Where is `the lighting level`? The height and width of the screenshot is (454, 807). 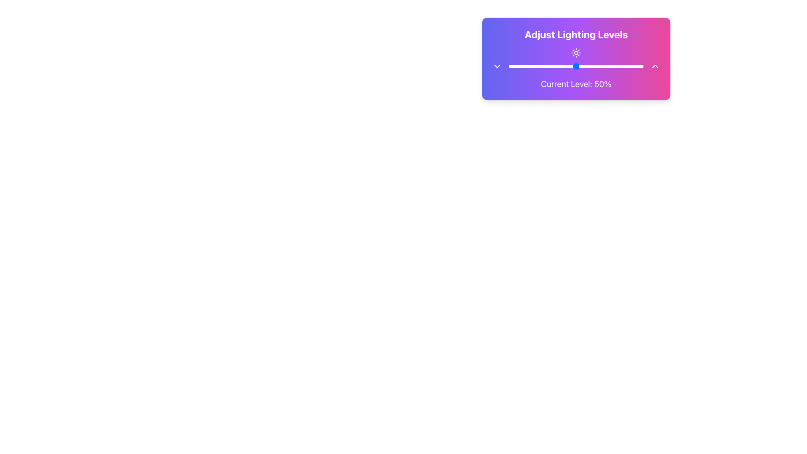 the lighting level is located at coordinates (600, 66).